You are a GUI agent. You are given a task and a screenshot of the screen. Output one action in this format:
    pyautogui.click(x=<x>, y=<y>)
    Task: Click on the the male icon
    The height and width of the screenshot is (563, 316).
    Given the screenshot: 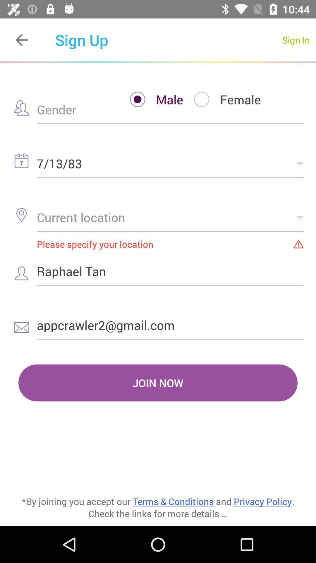 What is the action you would take?
    pyautogui.click(x=151, y=99)
    